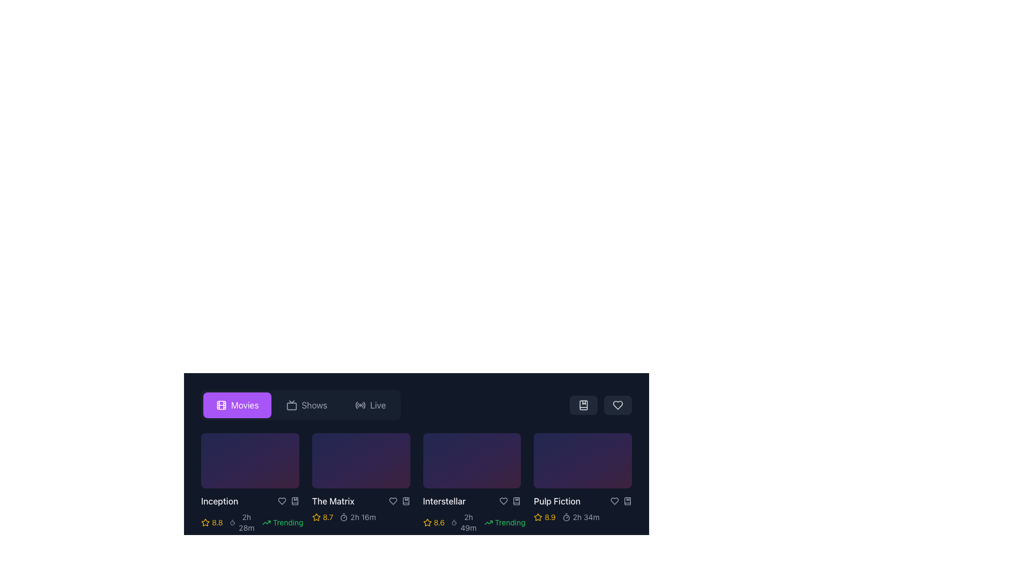 This screenshot has height=579, width=1030. What do you see at coordinates (315, 516) in the screenshot?
I see `the small, stylized star icon with a golden yellow outline located below the title 'The Matrix' in the UI, which is the second element in the group of rating stars` at bounding box center [315, 516].